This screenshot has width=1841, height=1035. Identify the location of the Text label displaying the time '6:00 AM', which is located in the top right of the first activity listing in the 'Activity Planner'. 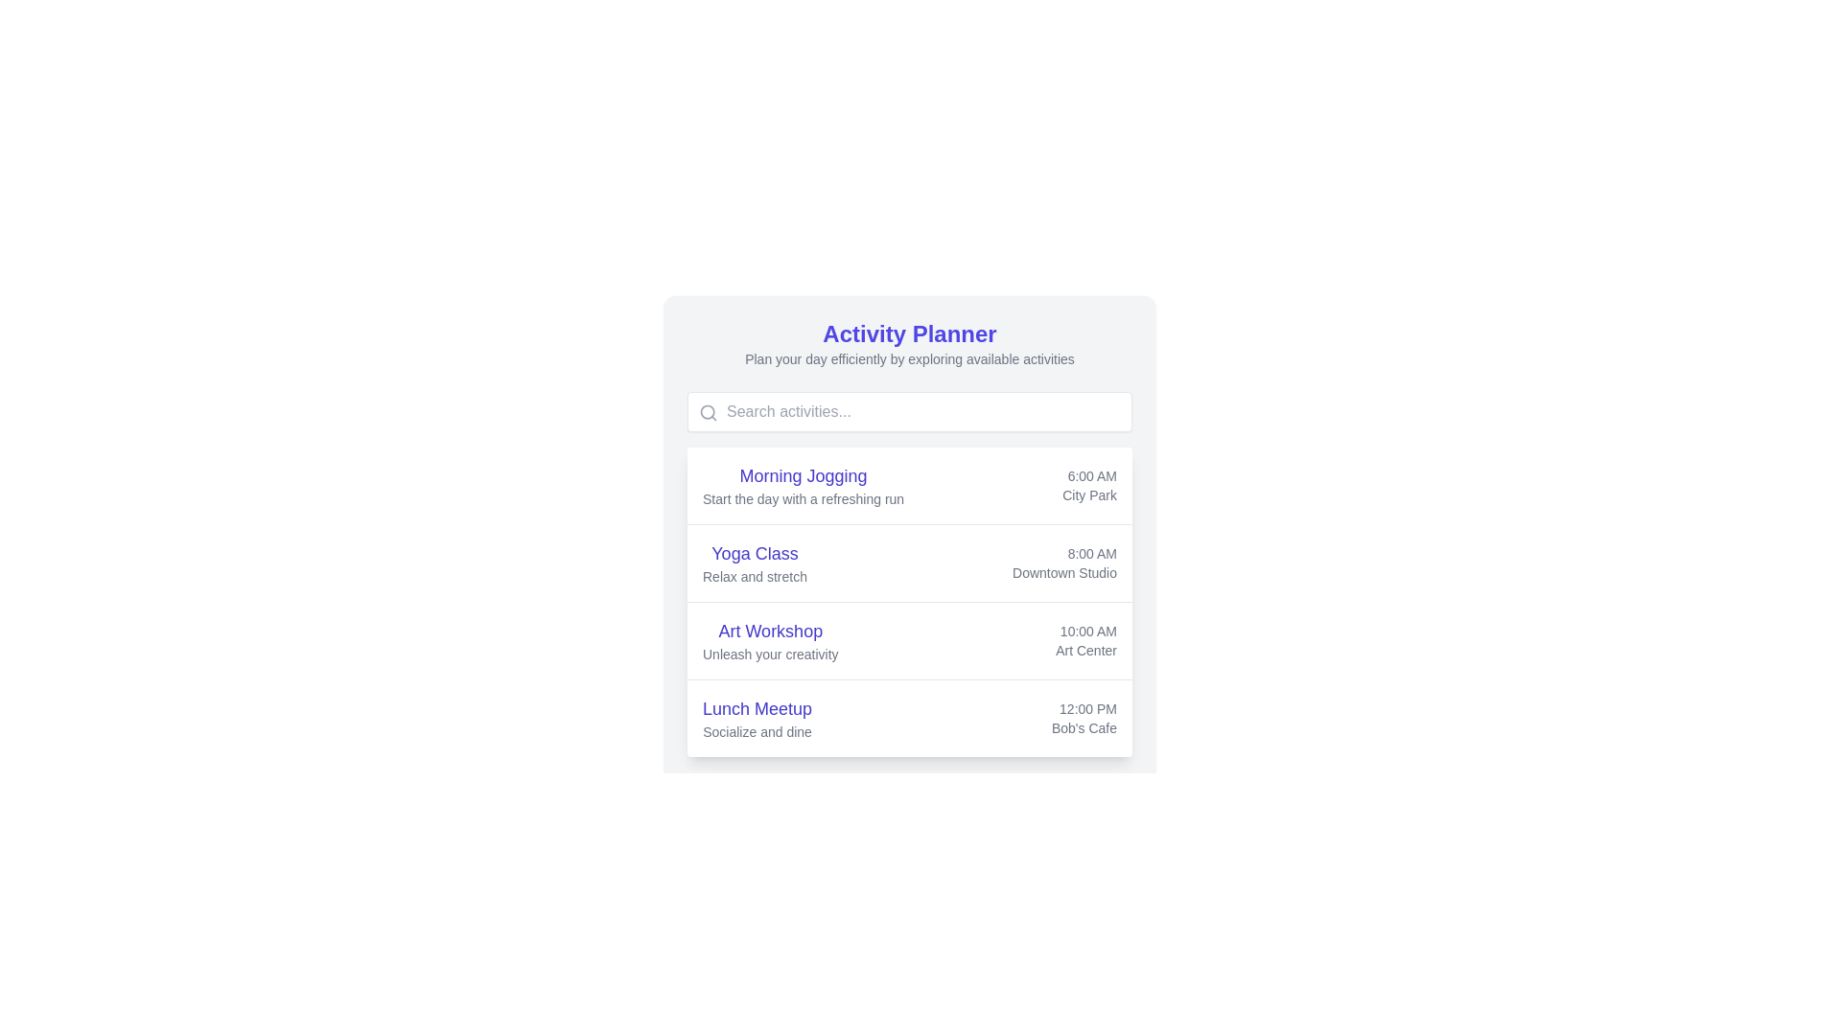
(1089, 475).